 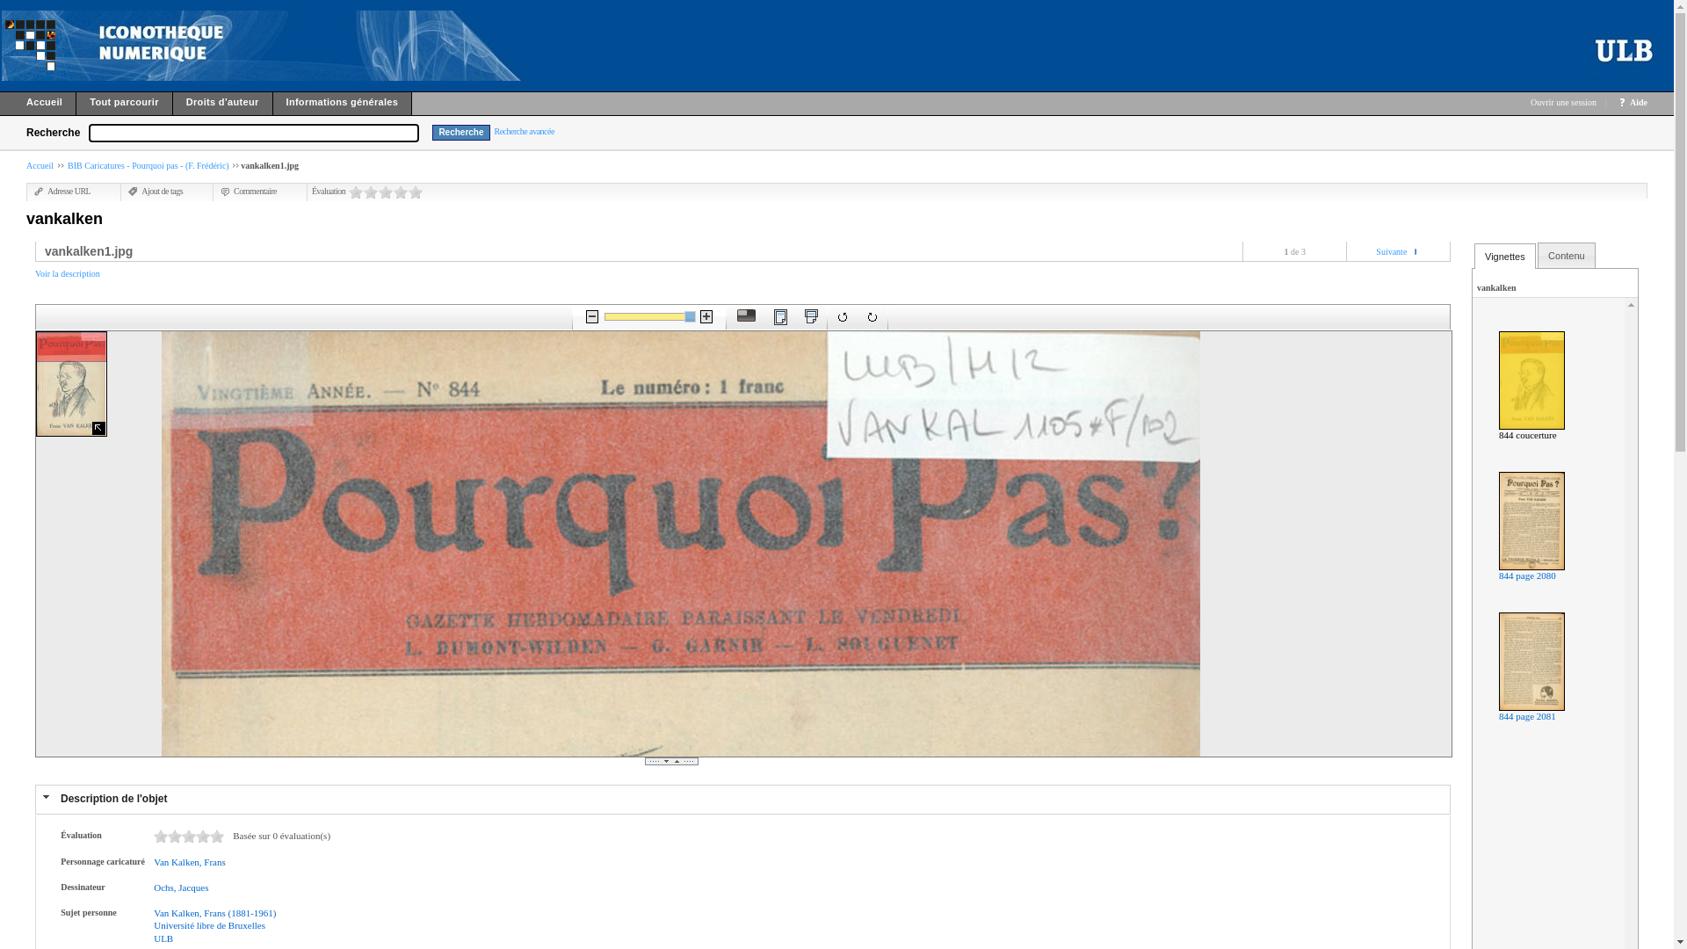 I want to click on 'Pivoter vers la gauche', so click(x=842, y=317).